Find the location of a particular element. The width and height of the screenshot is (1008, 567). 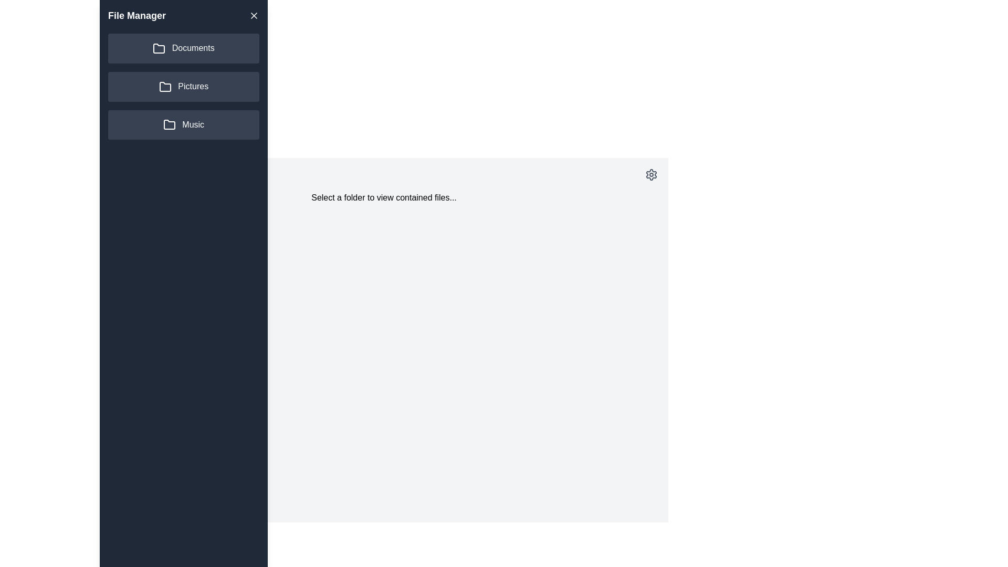

the folder Pictures from the side drawer is located at coordinates (184, 86).